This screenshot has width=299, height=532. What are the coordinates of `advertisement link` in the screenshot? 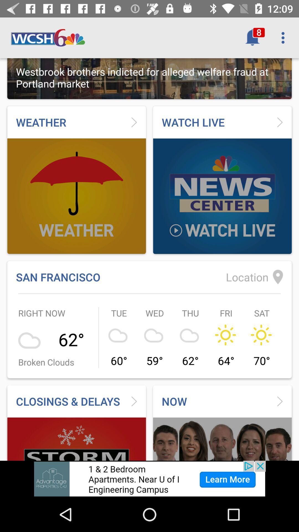 It's located at (149, 479).